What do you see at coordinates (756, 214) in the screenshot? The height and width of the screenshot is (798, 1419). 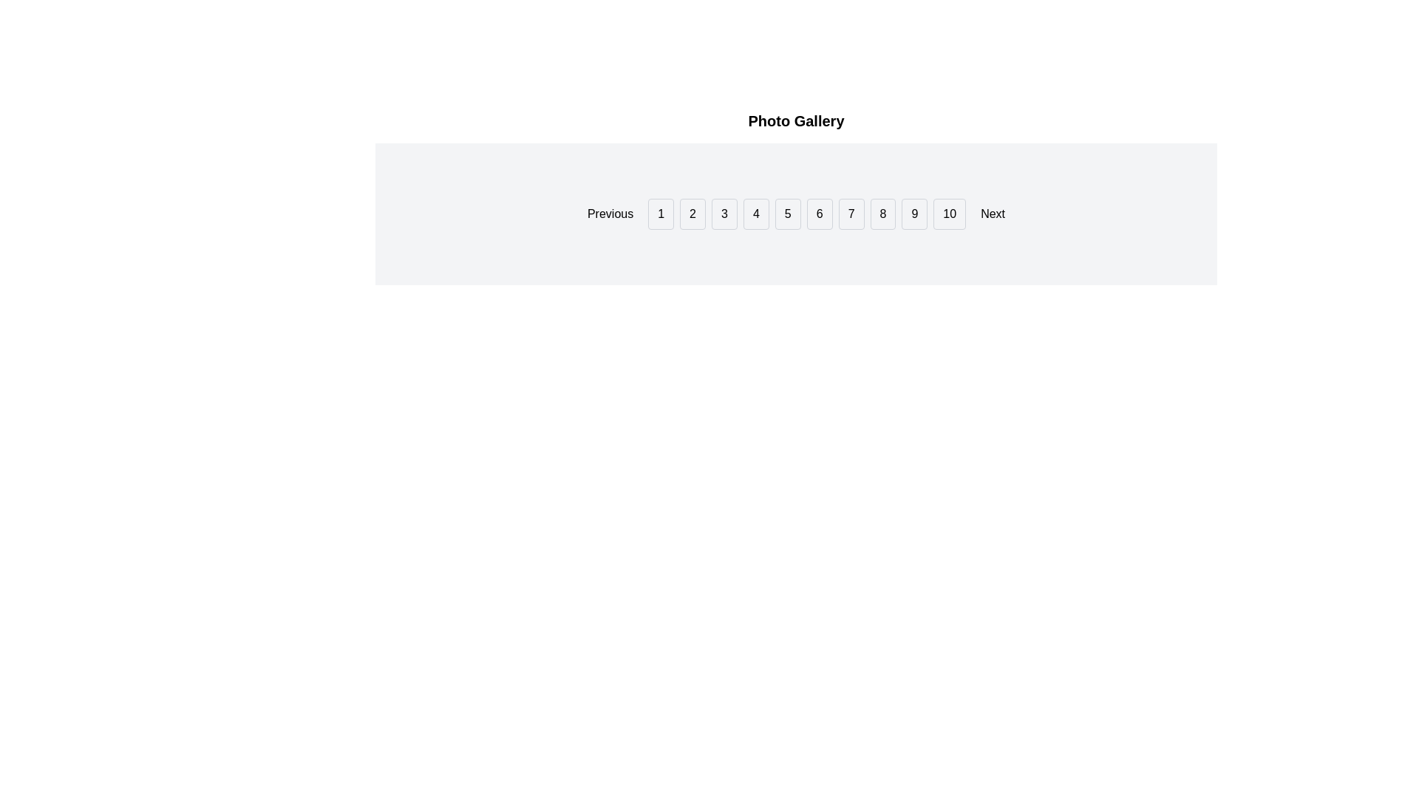 I see `the square-shaped button labeled '4' in the pagination navigation bar` at bounding box center [756, 214].